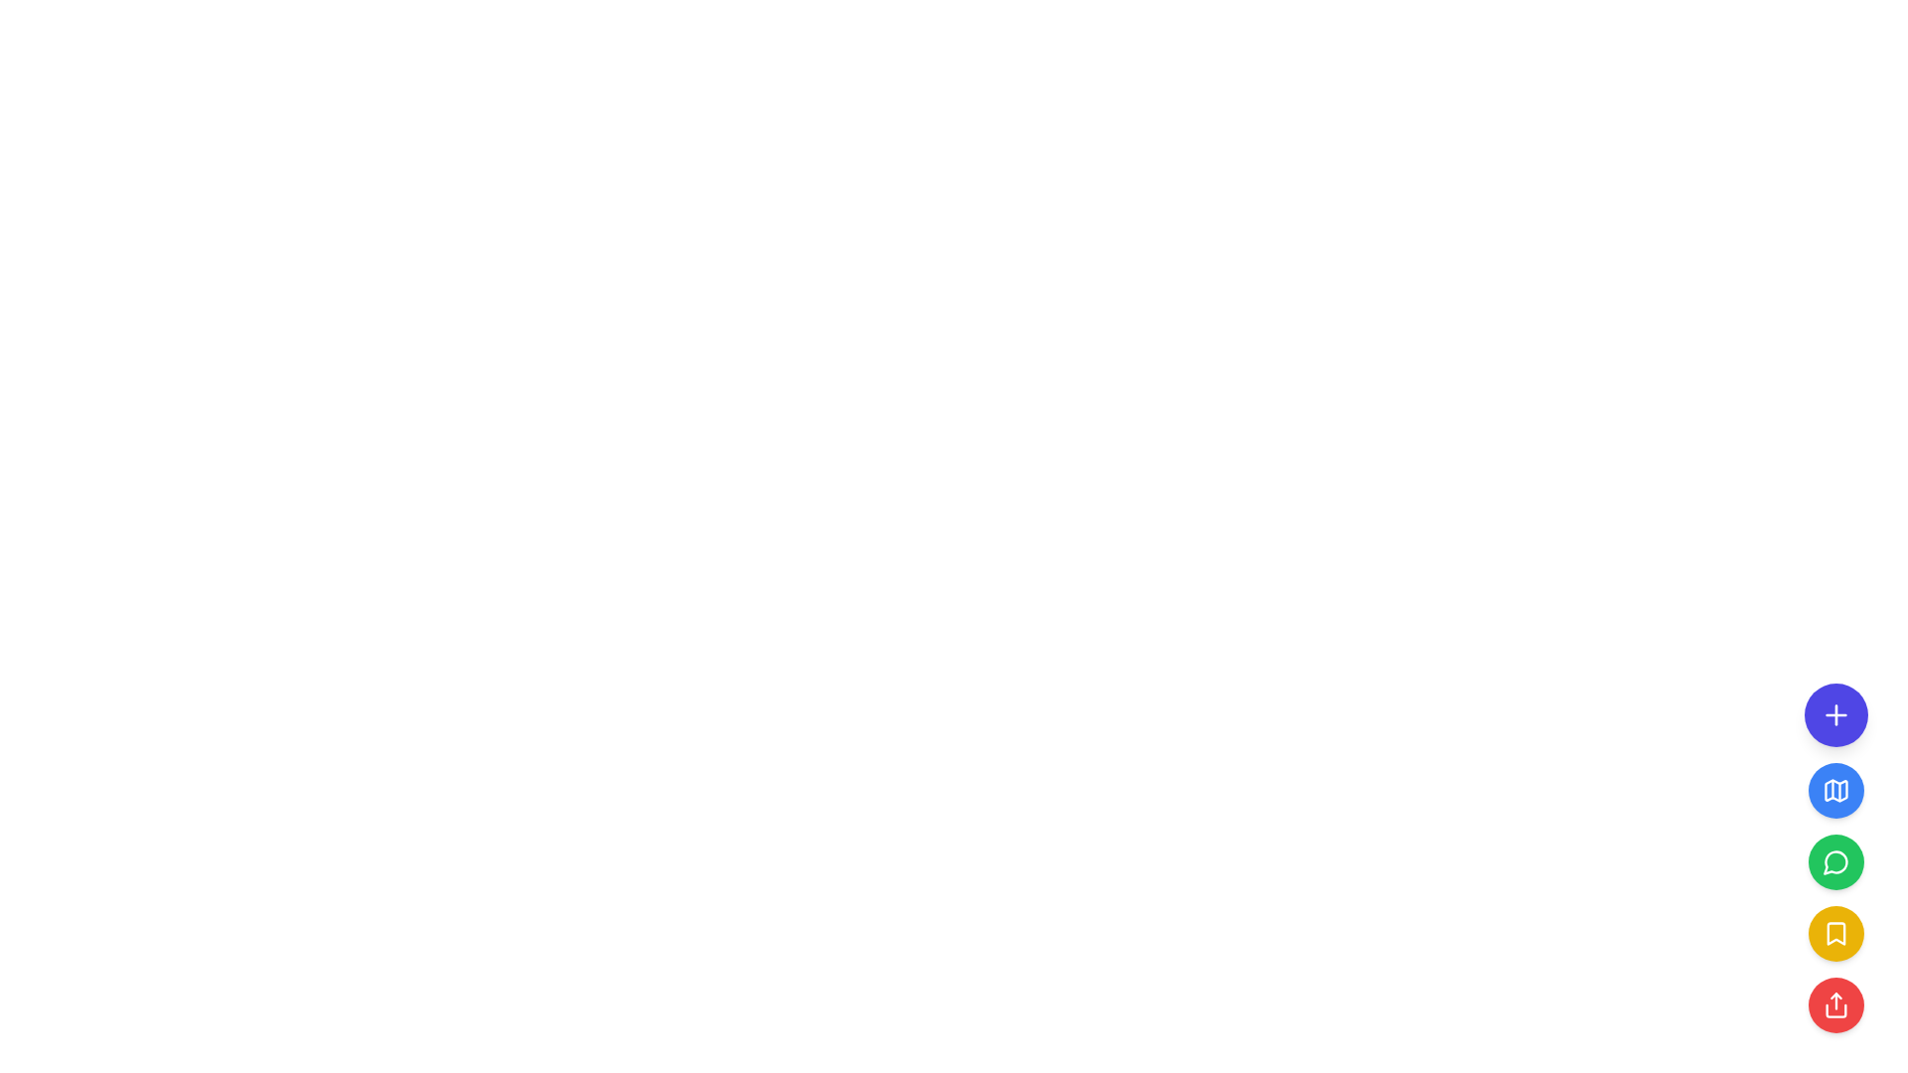 The height and width of the screenshot is (1073, 1908). I want to click on the green circular button with a white speech bubble symbol, which is the third icon in a vertical stack on the right side of the interface, so click(1835, 860).